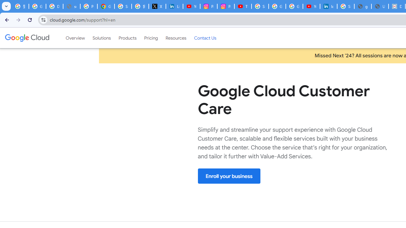 Image resolution: width=406 pixels, height=228 pixels. Describe the element at coordinates (127, 38) in the screenshot. I see `'Products'` at that location.